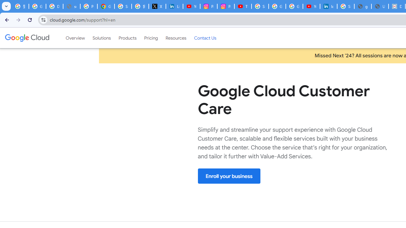 Image resolution: width=406 pixels, height=228 pixels. Describe the element at coordinates (127, 38) in the screenshot. I see `'Products'` at that location.